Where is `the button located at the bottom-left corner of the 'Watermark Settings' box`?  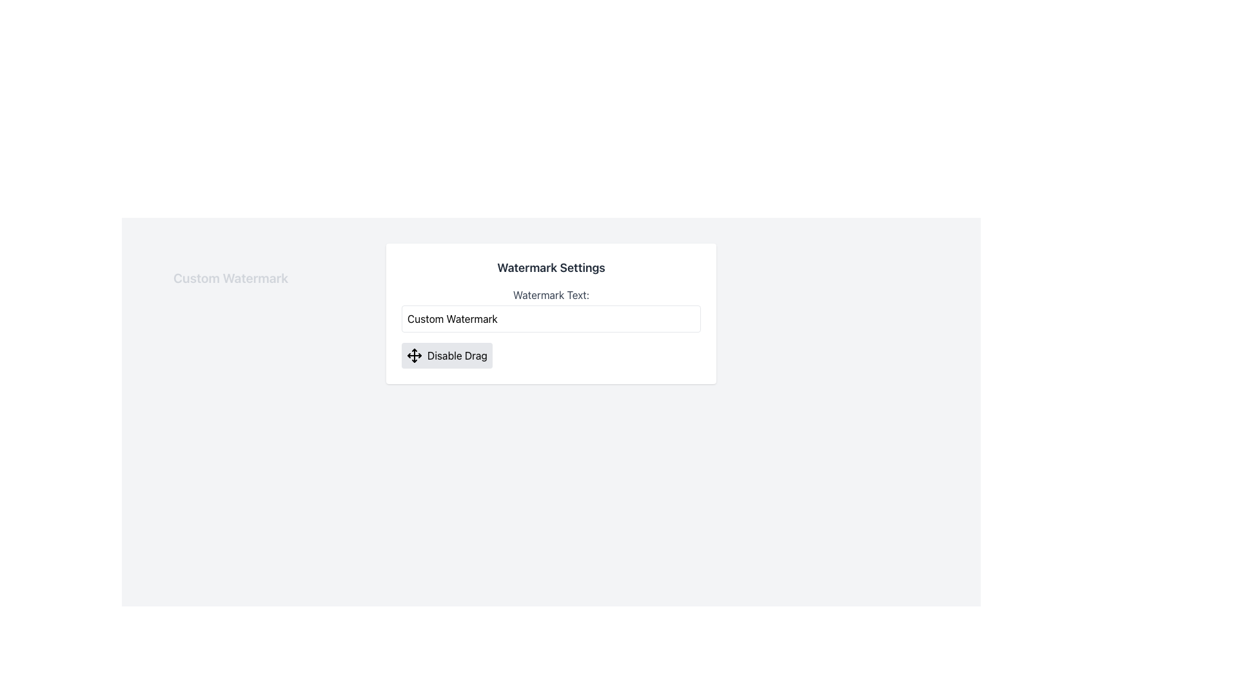 the button located at the bottom-left corner of the 'Watermark Settings' box is located at coordinates (447, 355).